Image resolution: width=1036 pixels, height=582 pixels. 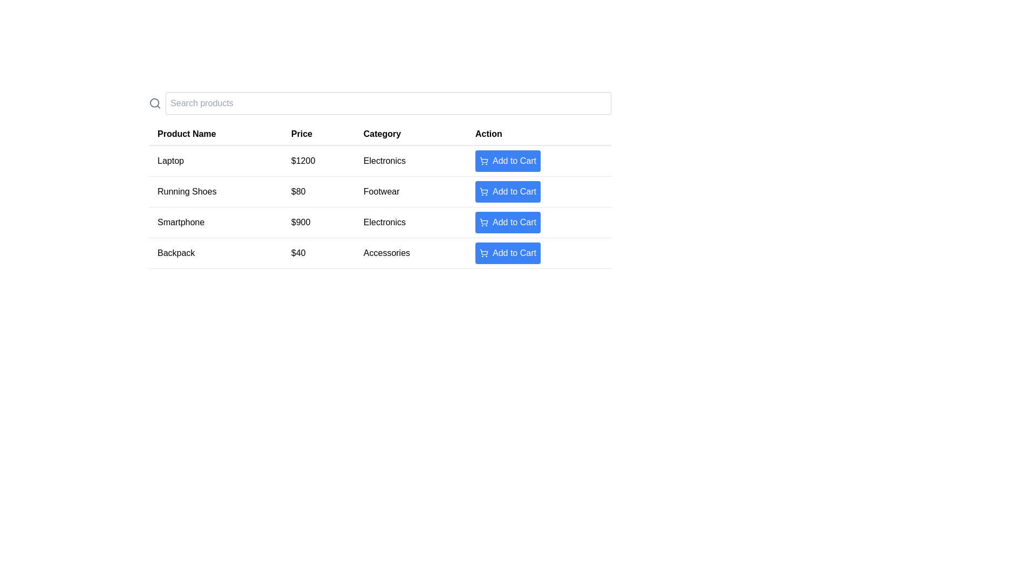 I want to click on the small shopping cart icon located to the left of the 'Add to Cart' button in the product table row to potentially trigger the action, so click(x=483, y=161).